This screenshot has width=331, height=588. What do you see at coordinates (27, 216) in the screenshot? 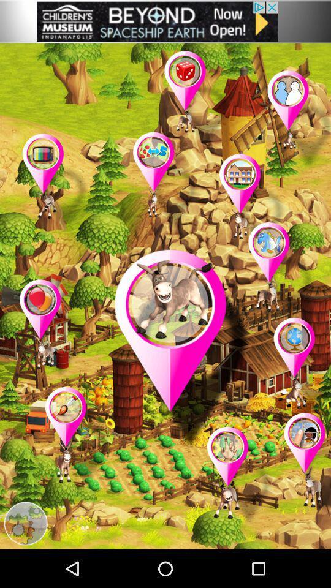
I see `the location icon` at bounding box center [27, 216].